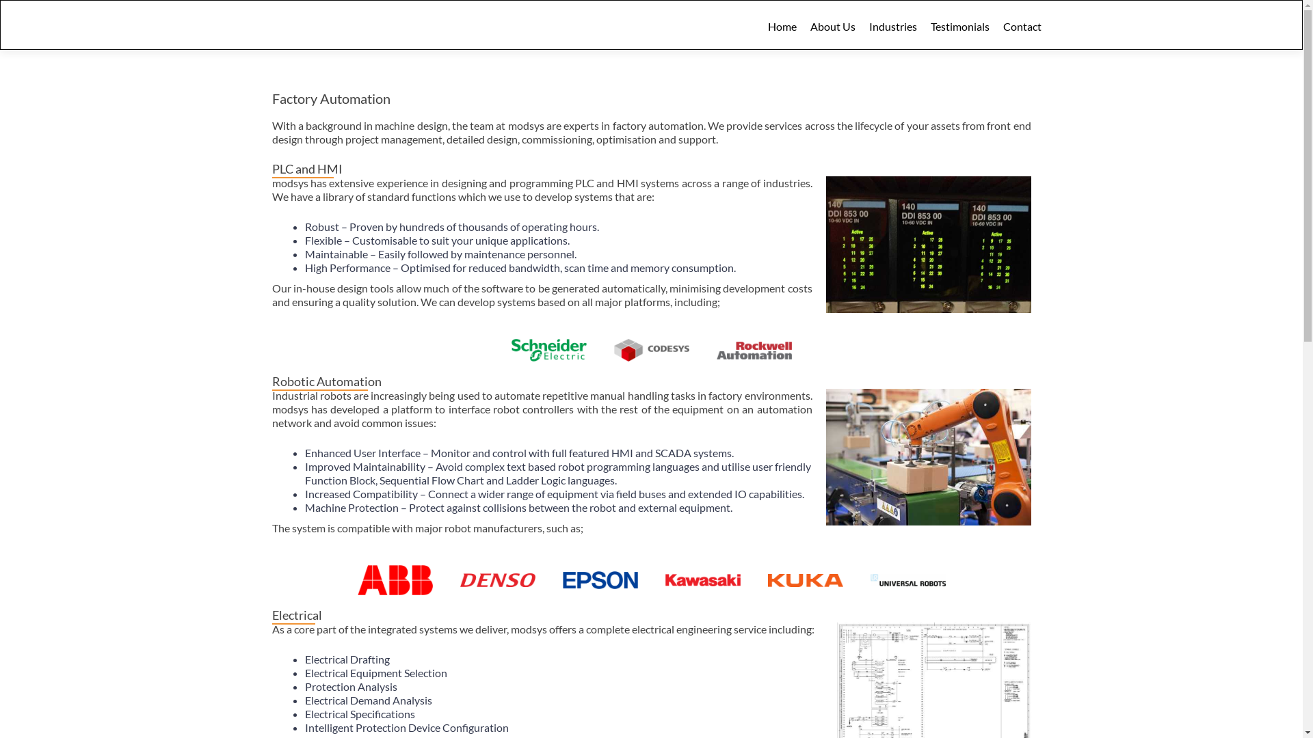 This screenshot has height=738, width=1313. I want to click on 'Testimonials', so click(929, 26).